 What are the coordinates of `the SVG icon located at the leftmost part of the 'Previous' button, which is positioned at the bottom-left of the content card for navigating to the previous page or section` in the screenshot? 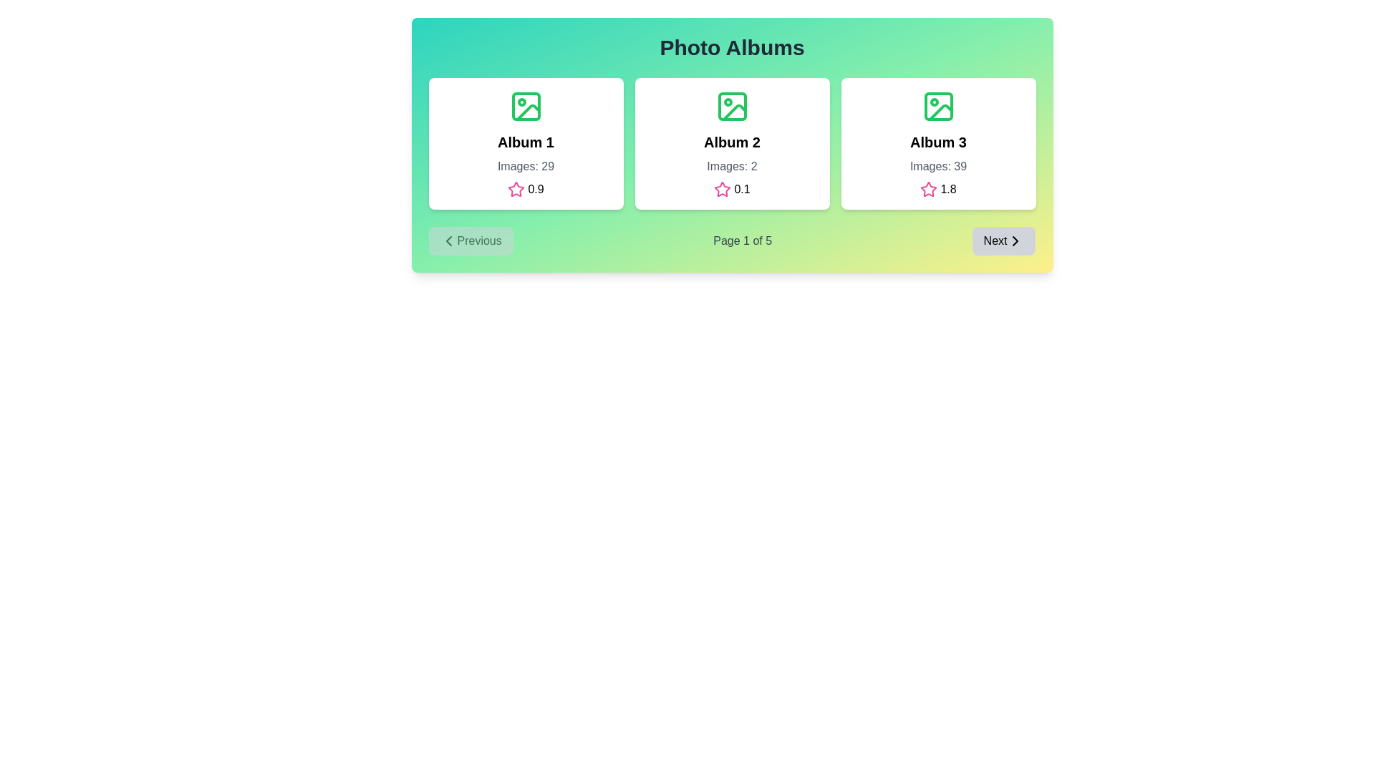 It's located at (448, 240).